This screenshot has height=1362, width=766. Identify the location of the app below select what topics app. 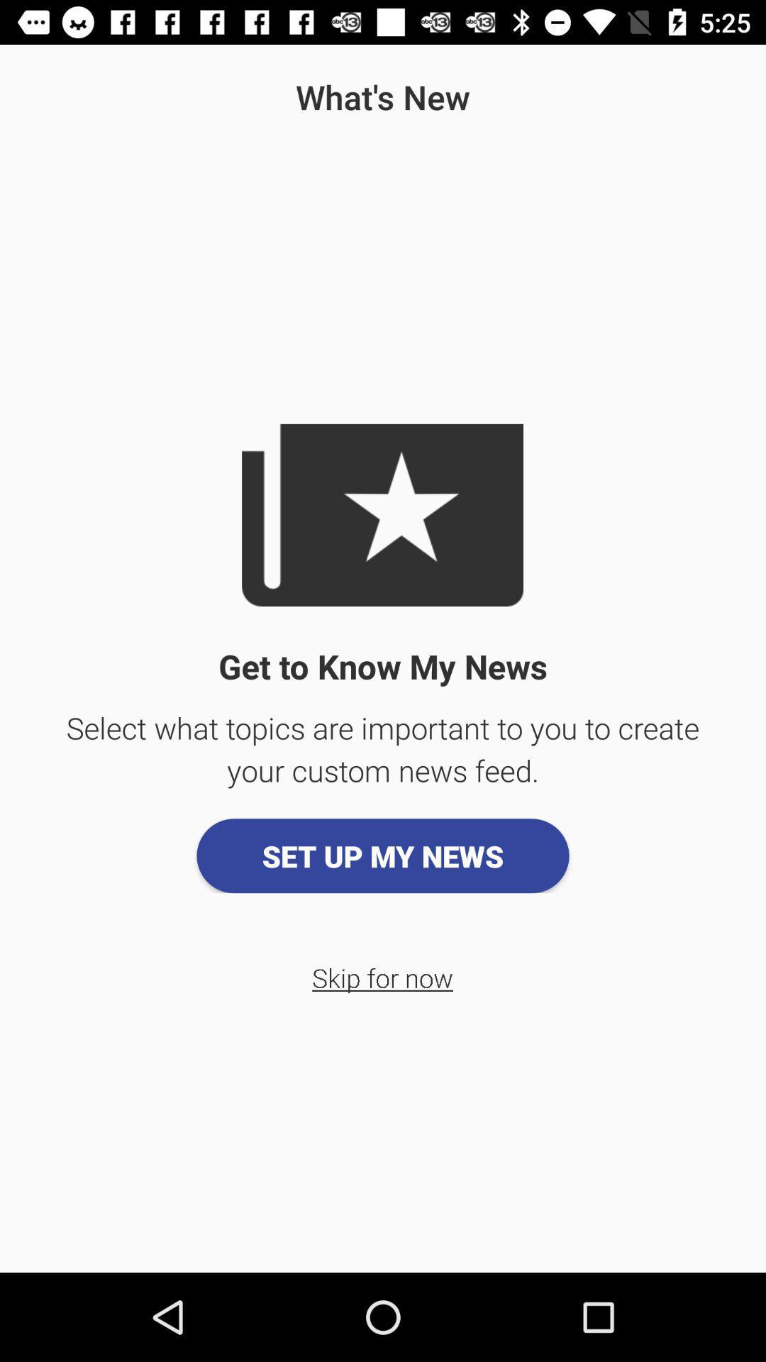
(383, 855).